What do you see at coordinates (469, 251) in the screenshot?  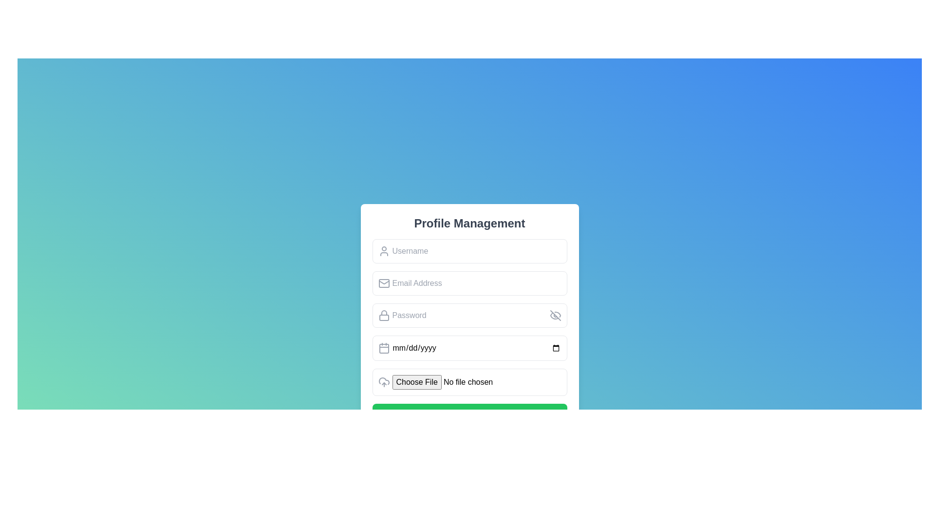 I see `the username input field located in the 'Profile Management' panel to focus on it` at bounding box center [469, 251].